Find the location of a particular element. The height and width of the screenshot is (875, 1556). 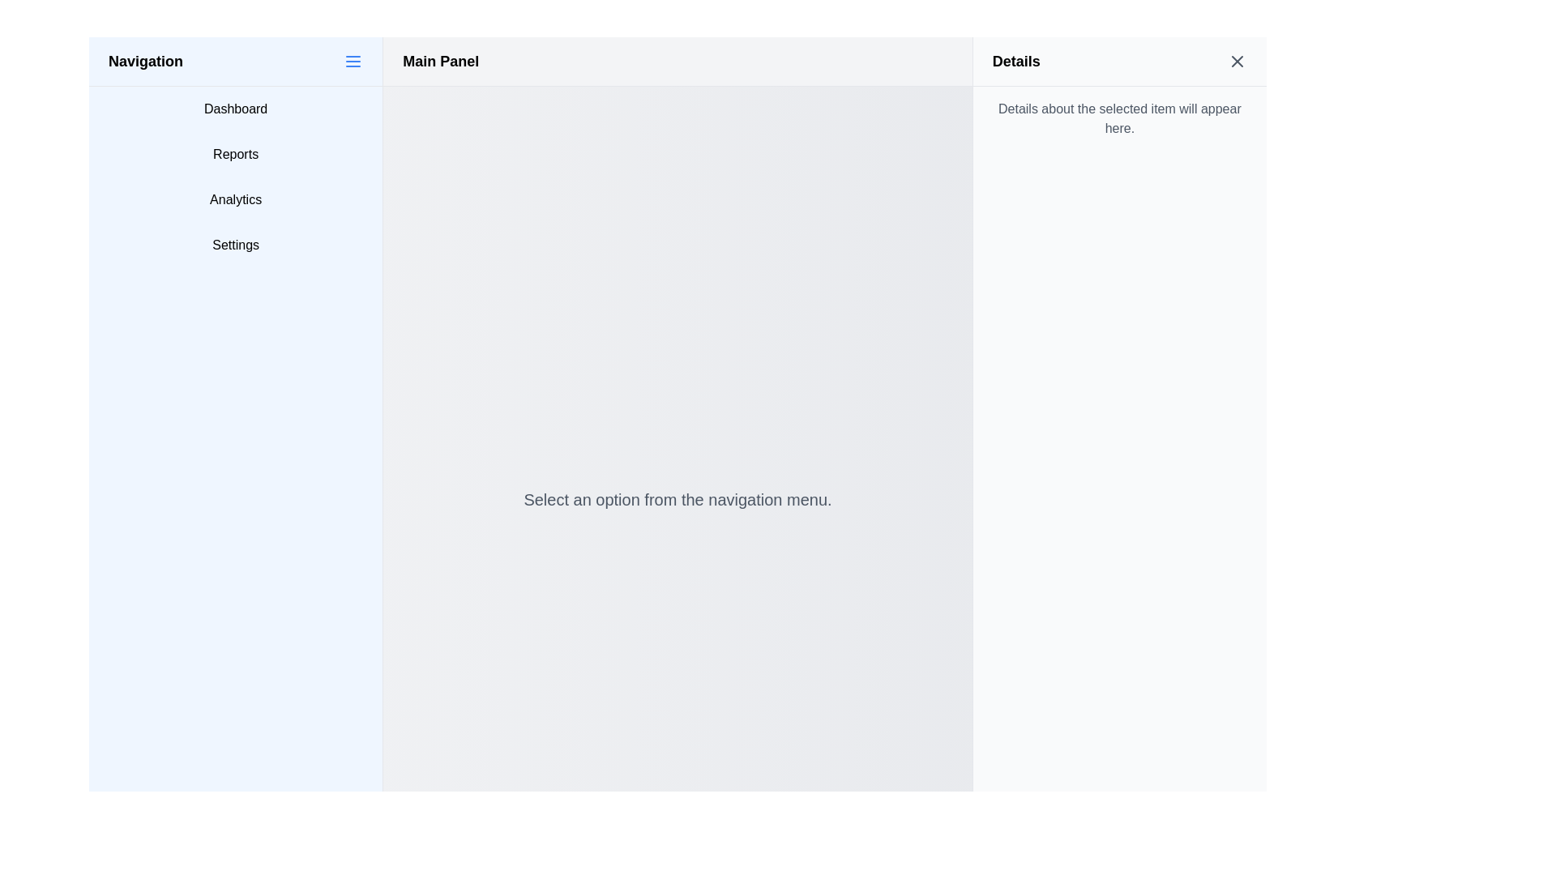

the Navigation List Item labeled 'Analytics' in the light blue vertical navigation menu on the left side of the interface is located at coordinates (235, 198).